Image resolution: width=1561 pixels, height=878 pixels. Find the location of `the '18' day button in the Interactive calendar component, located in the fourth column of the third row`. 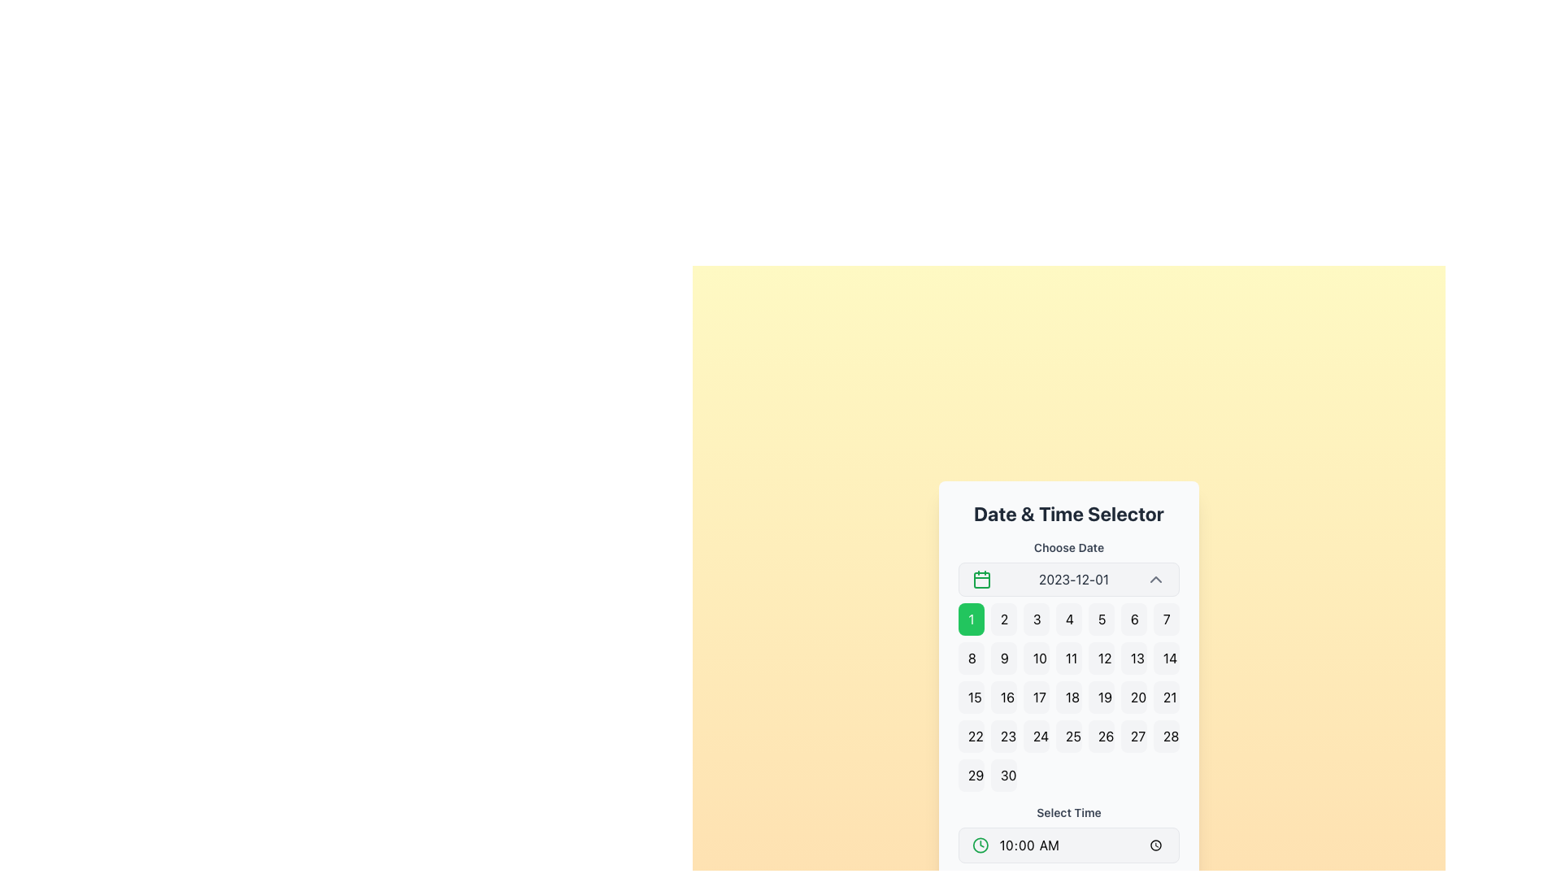

the '18' day button in the Interactive calendar component, located in the fourth column of the third row is located at coordinates (1069, 696).